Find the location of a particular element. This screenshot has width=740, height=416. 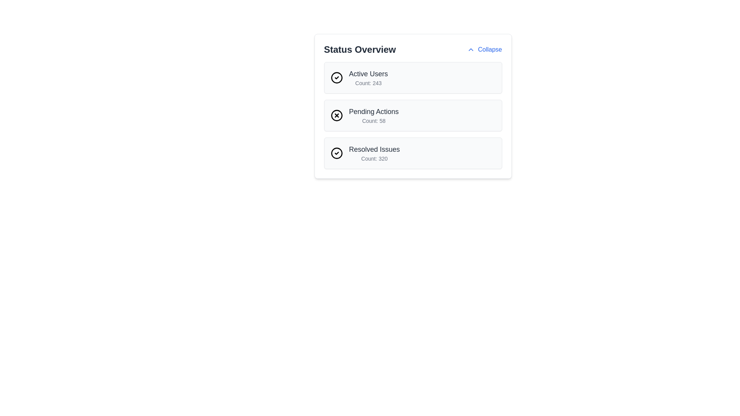

text from the 'Active Users' text label, which is styled with a medium gray font and is located at the top of the 'Status Overview' widget is located at coordinates (368, 74).